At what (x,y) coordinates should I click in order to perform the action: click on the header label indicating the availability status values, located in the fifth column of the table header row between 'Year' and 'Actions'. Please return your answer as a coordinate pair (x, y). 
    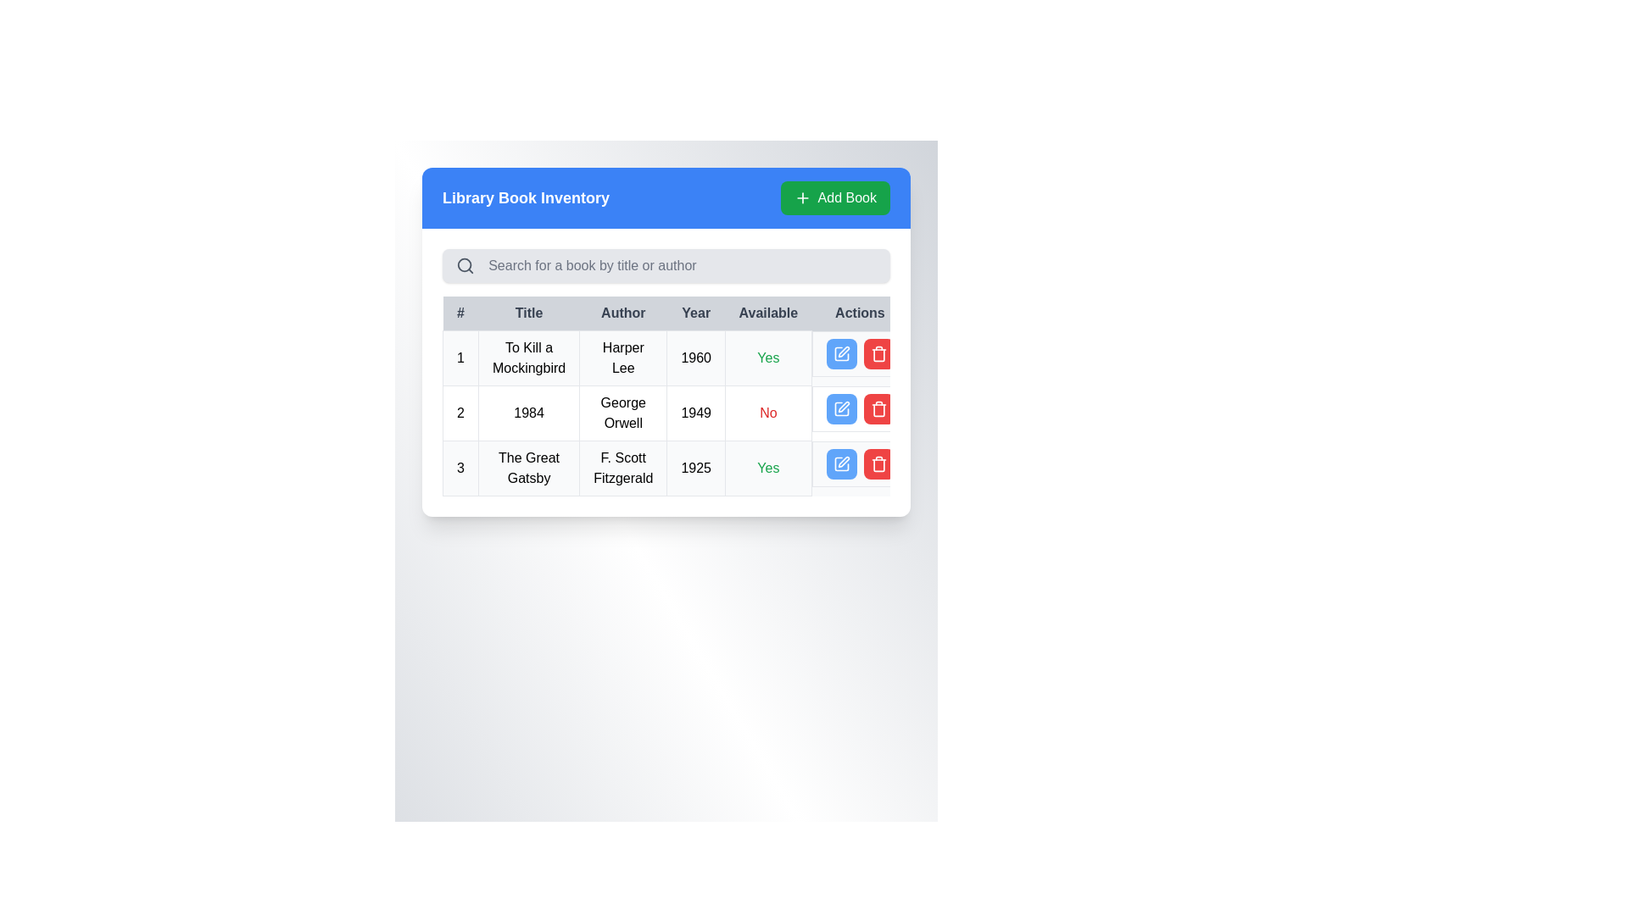
    Looking at the image, I should click on (767, 313).